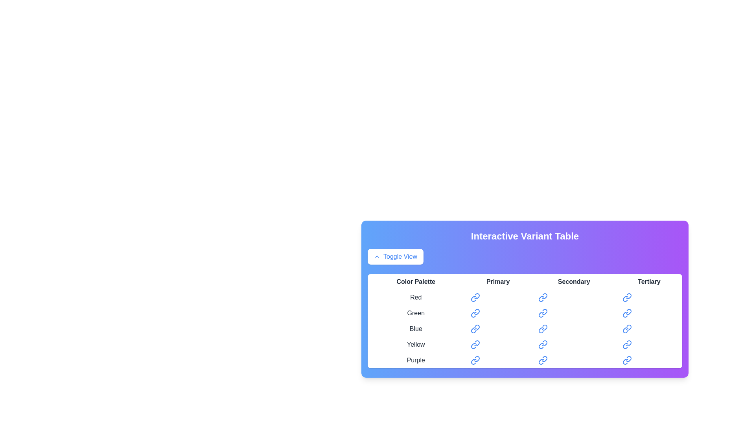 The image size is (755, 424). I want to click on the blue link icon in the 'Primary' column, second row of the 'Interactive Variant Table', so click(475, 313).